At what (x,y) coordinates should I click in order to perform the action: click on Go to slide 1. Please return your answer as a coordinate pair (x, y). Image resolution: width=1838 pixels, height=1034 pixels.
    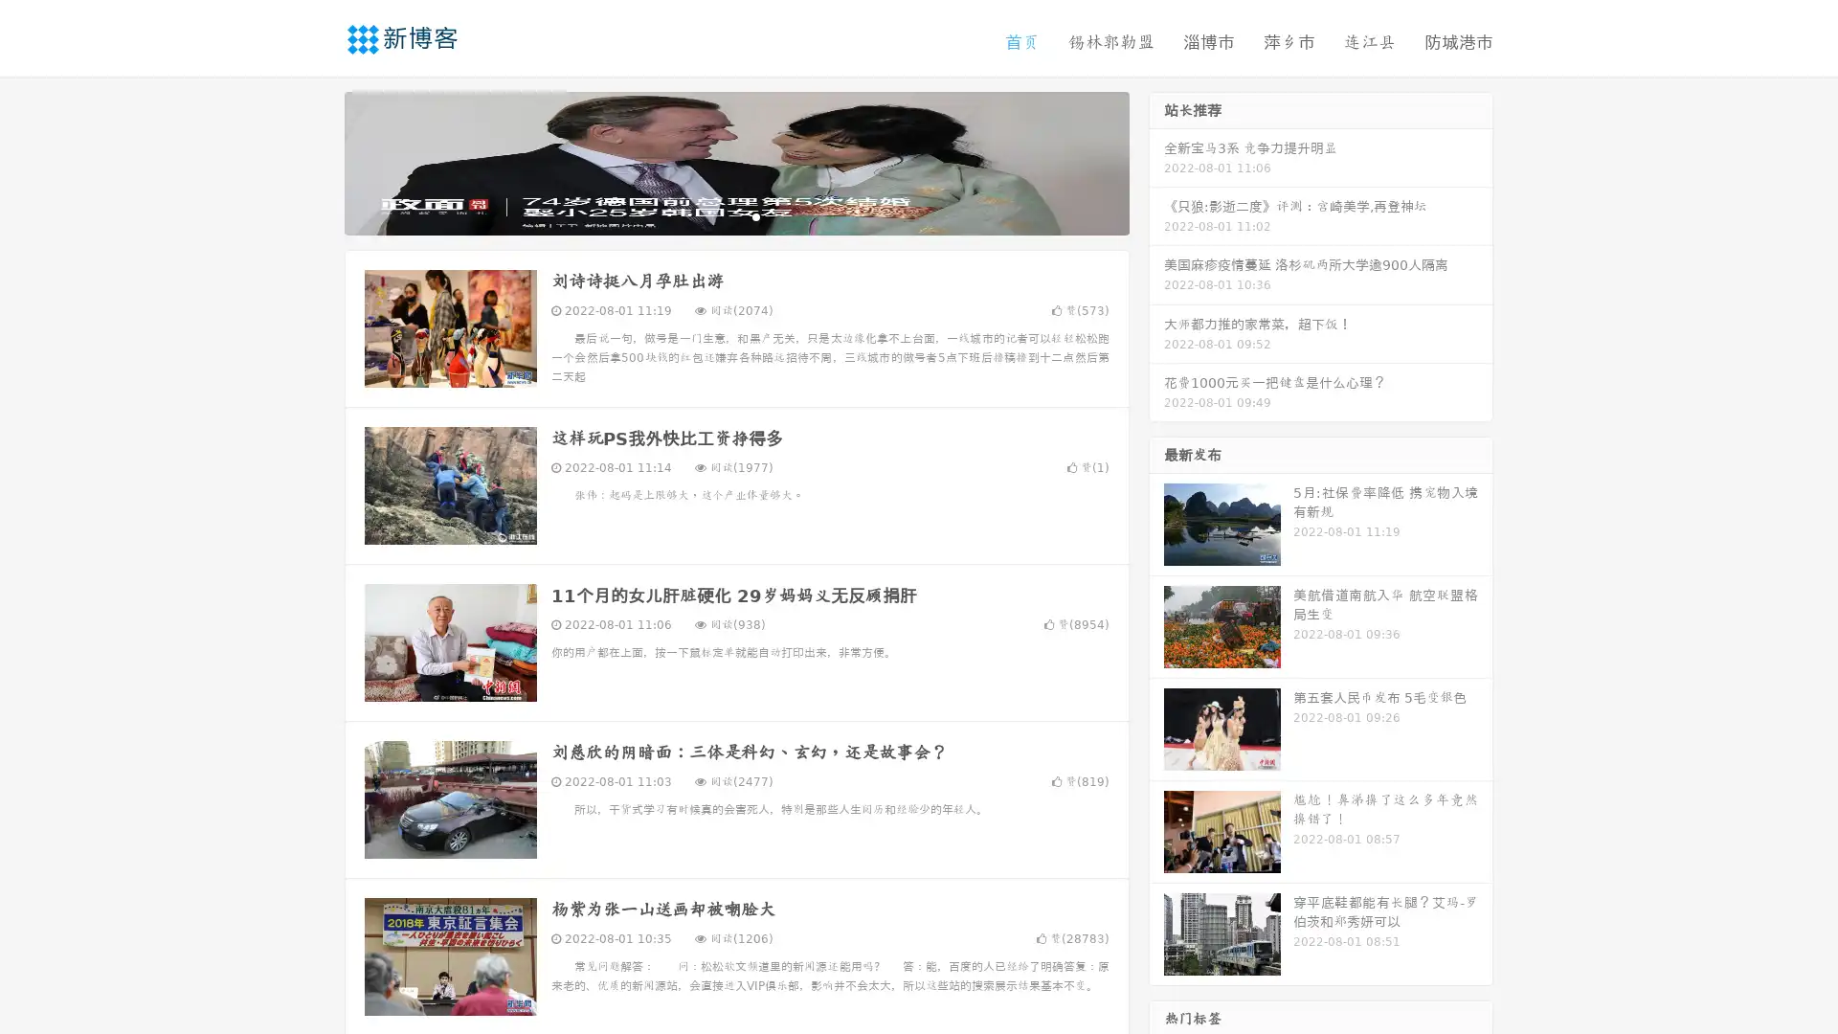
    Looking at the image, I should click on (716, 215).